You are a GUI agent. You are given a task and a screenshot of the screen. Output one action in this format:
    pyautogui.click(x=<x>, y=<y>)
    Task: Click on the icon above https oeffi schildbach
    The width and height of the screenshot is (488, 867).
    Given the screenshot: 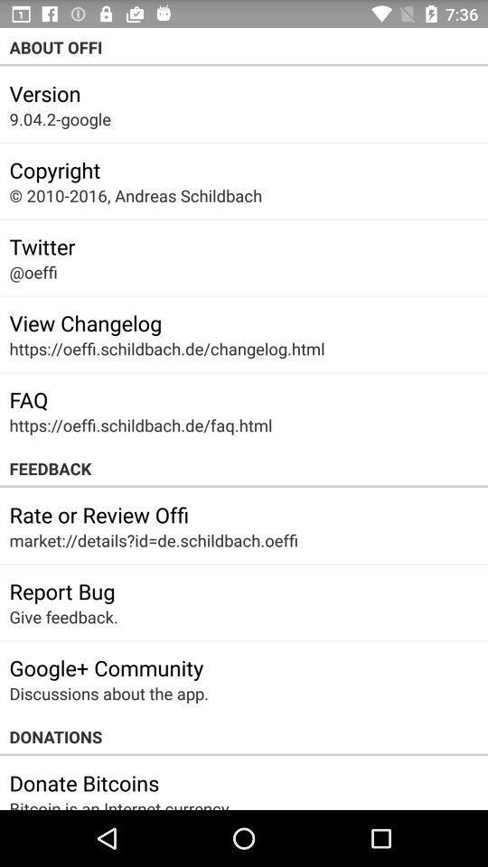 What is the action you would take?
    pyautogui.click(x=84, y=322)
    